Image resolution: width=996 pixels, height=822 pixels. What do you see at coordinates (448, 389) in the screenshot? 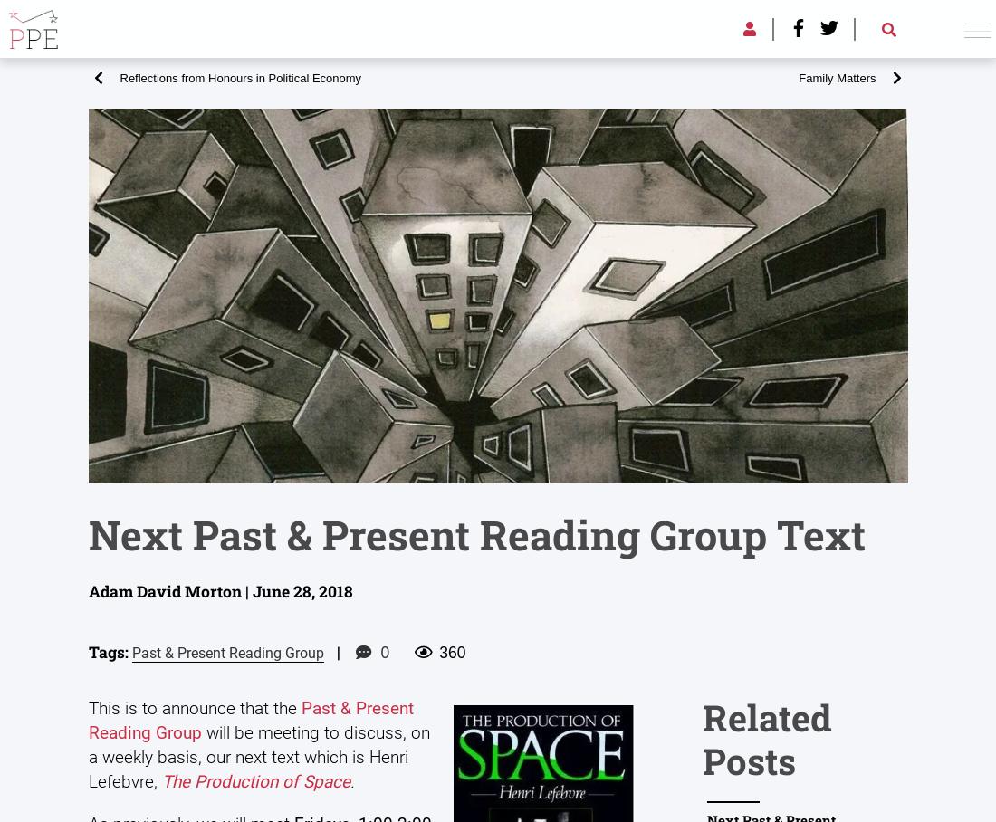
I see `'Adam David Morton'` at bounding box center [448, 389].